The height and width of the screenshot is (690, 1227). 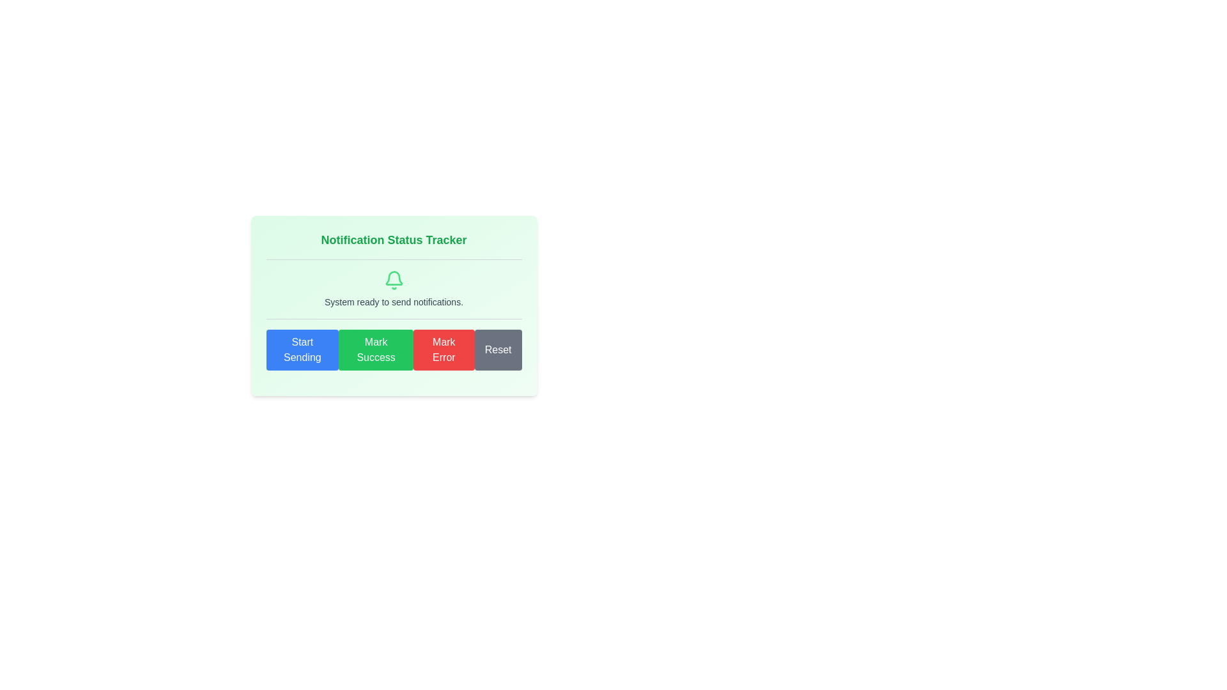 I want to click on the static text label that serves as the title for the notification management panel, located in a rounded, shadowed panel with a gradient green background, so click(x=393, y=240).